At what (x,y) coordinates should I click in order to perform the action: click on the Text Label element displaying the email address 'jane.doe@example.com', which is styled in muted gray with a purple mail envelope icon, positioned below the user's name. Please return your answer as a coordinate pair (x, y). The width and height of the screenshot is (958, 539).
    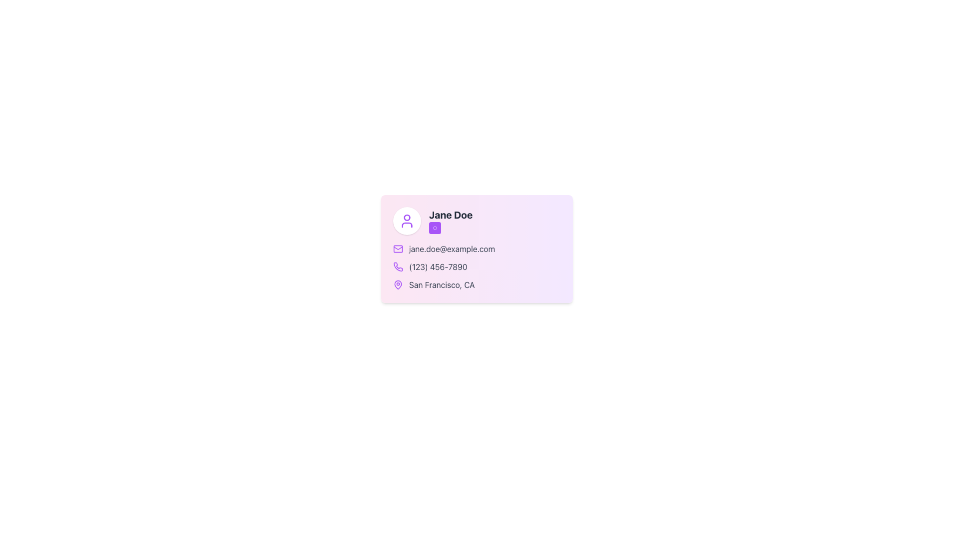
    Looking at the image, I should click on (476, 248).